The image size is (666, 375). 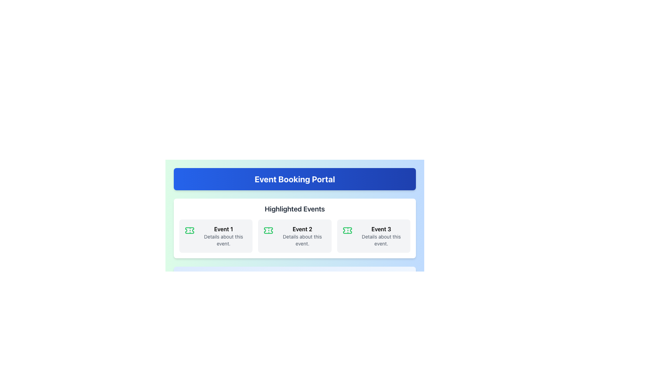 What do you see at coordinates (294, 235) in the screenshot?
I see `details of the second Informational card in the grid layout under the heading 'Highlighted Events'` at bounding box center [294, 235].